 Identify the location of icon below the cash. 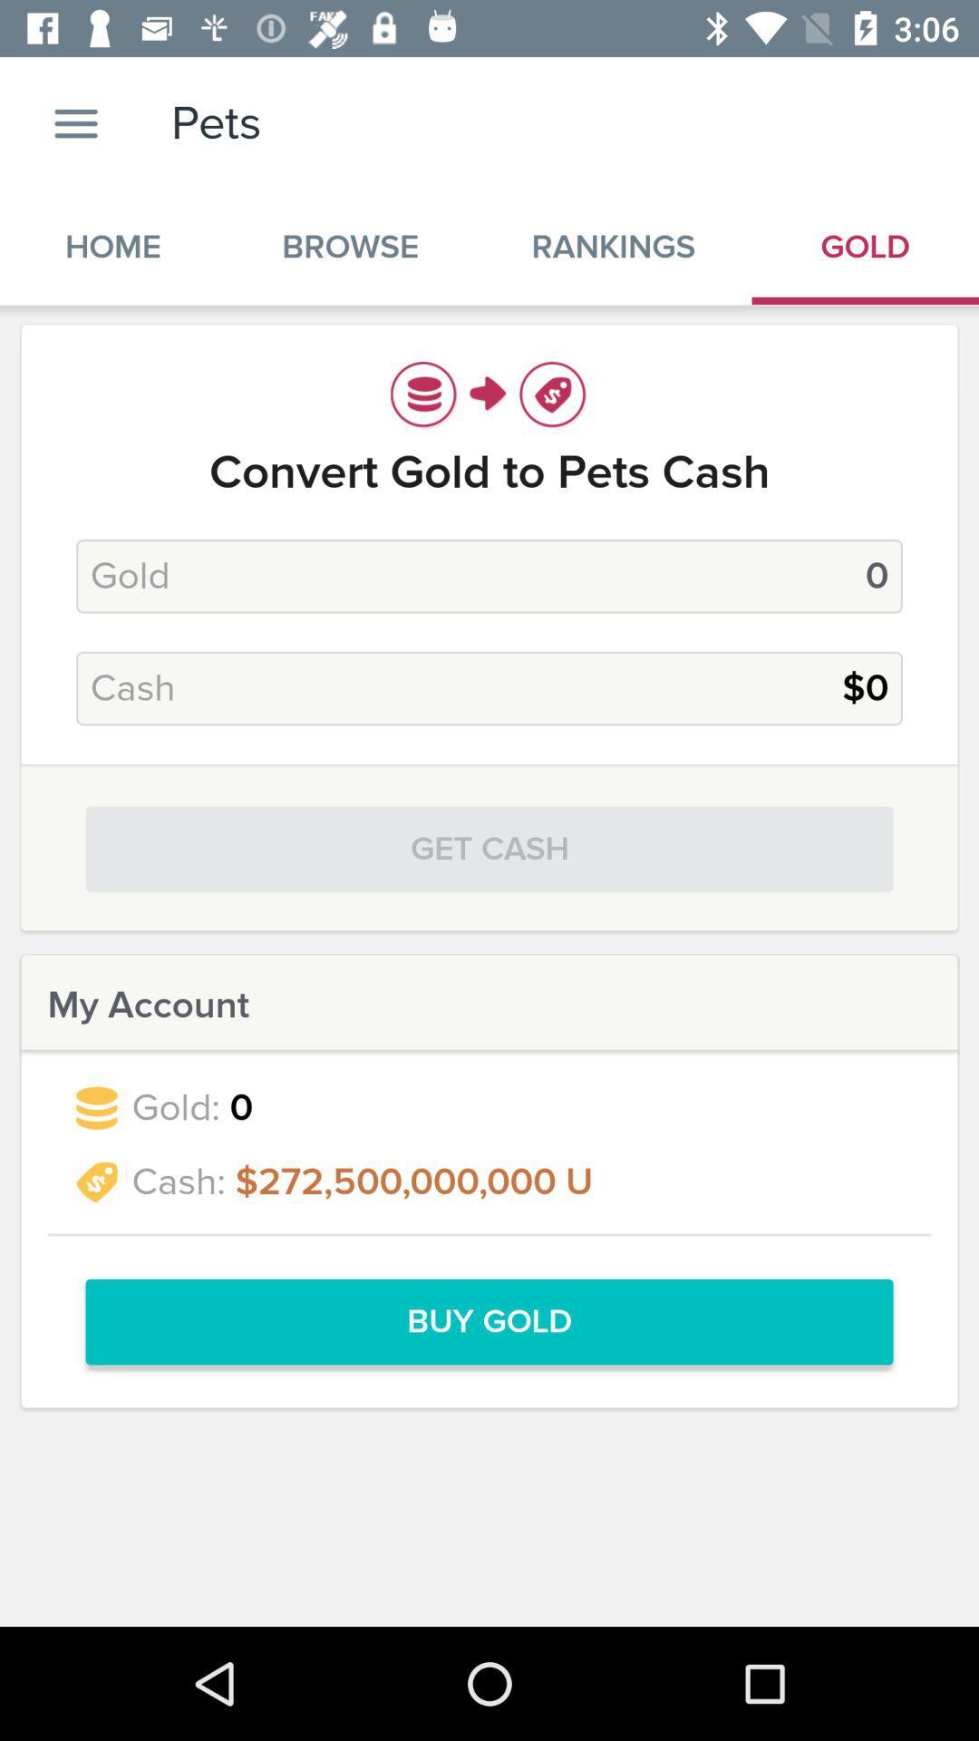
(489, 848).